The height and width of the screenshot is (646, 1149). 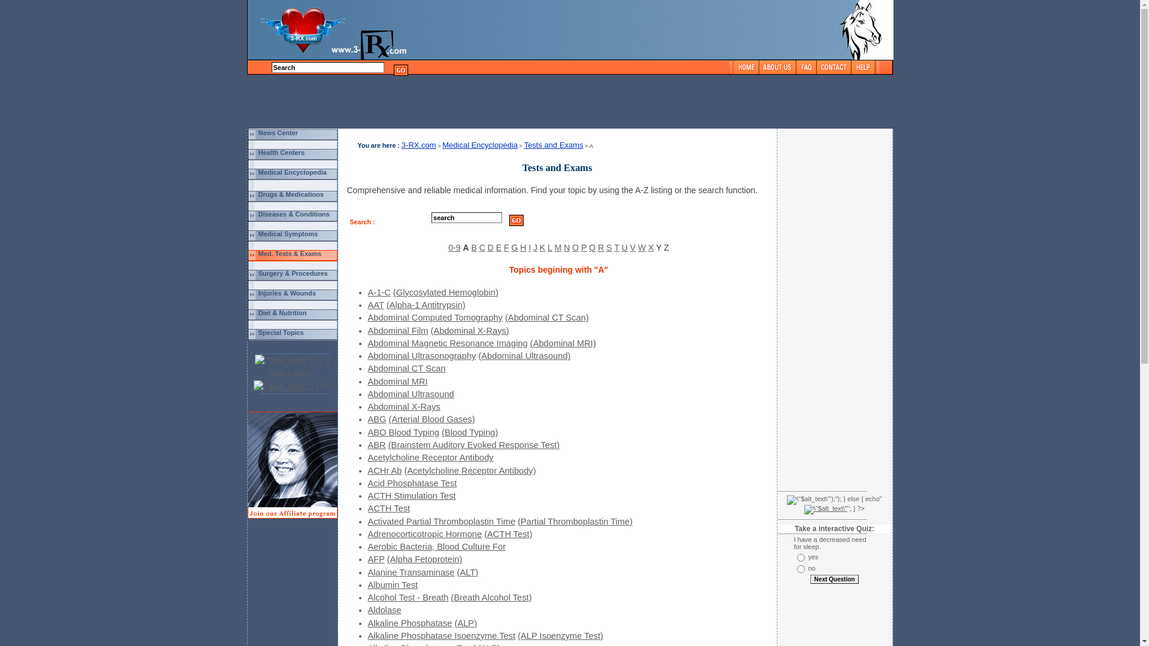 I want to click on 'Abdominal Ultrasound', so click(x=367, y=394).